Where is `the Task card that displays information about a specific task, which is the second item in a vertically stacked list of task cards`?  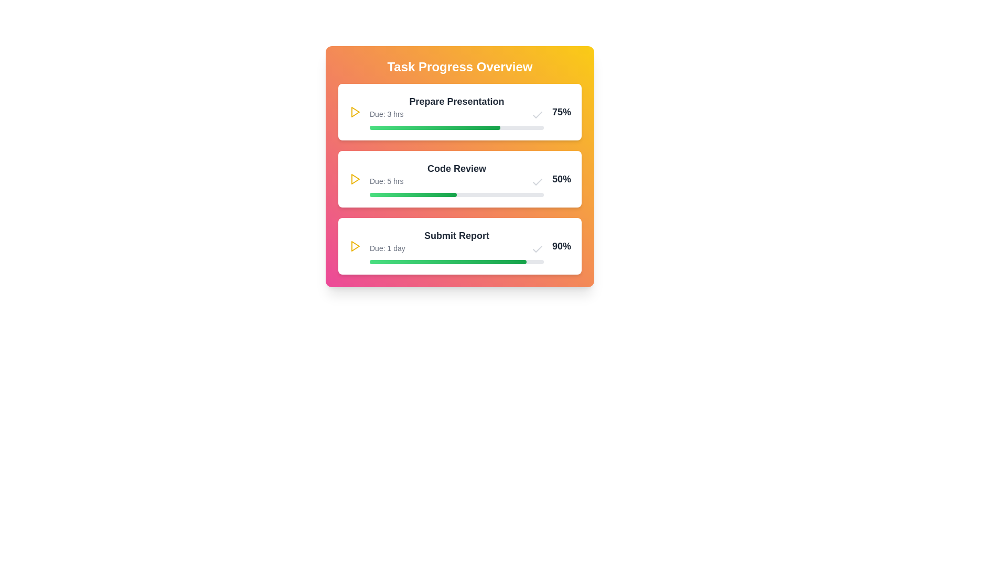 the Task card that displays information about a specific task, which is the second item in a vertically stacked list of task cards is located at coordinates (460, 179).